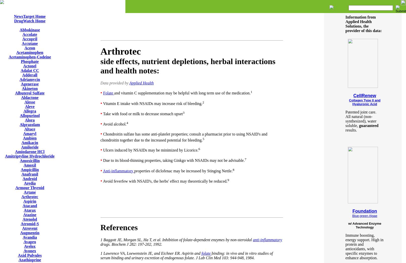 The width and height of the screenshot is (406, 263). I want to click on '1', so click(251, 91).